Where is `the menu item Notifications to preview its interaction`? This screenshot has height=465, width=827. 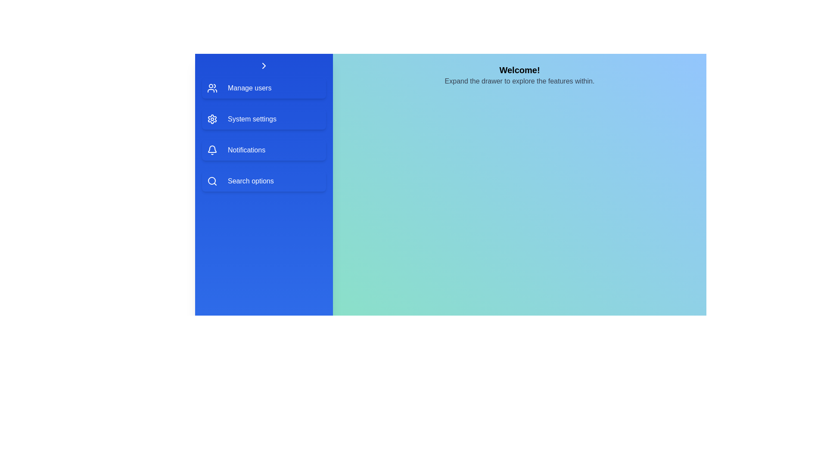
the menu item Notifications to preview its interaction is located at coordinates (264, 149).